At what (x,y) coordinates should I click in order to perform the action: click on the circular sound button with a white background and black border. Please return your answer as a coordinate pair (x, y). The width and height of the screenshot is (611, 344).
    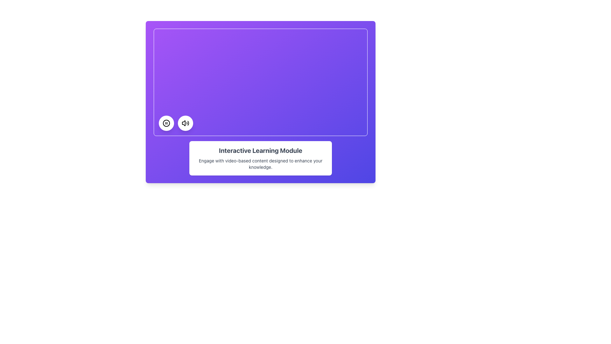
    Looking at the image, I should click on (185, 123).